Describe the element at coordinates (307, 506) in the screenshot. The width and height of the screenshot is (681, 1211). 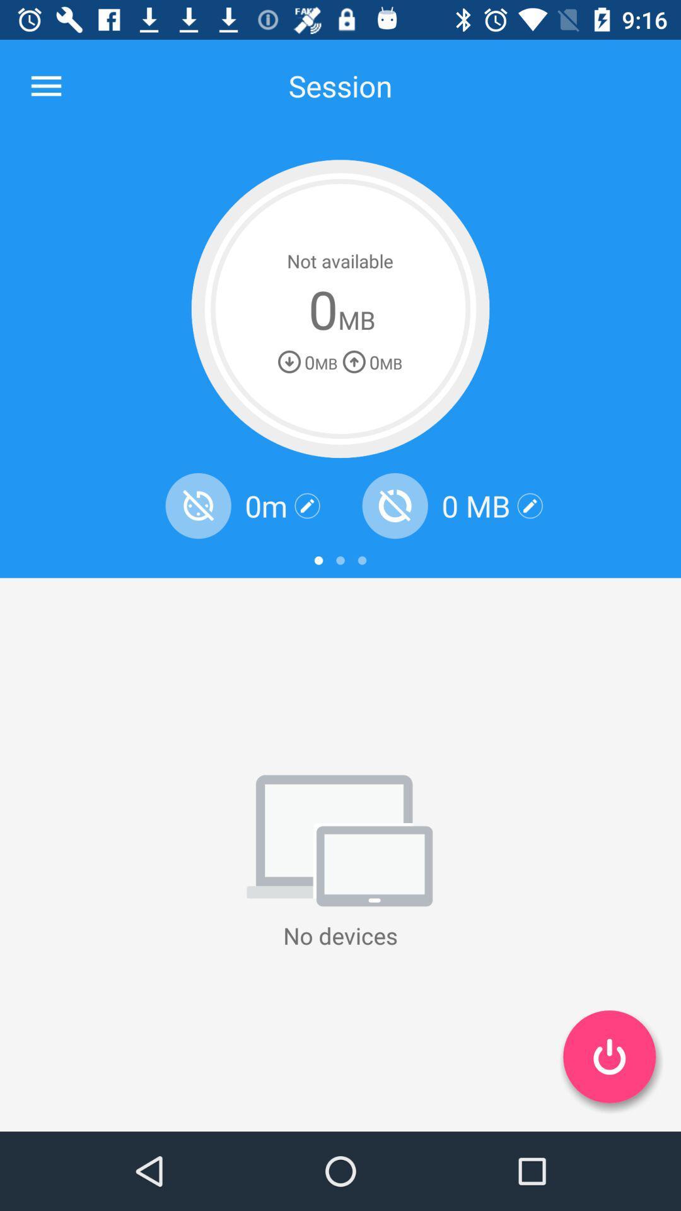
I see `edit` at that location.